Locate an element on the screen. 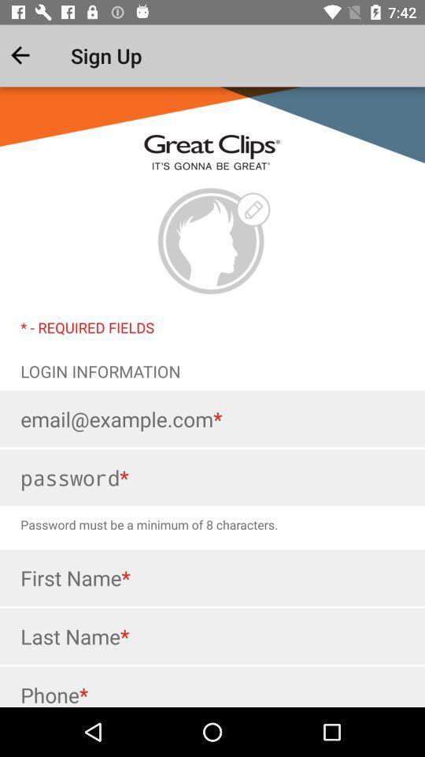 The image size is (425, 757). input first name is located at coordinates (213, 576).